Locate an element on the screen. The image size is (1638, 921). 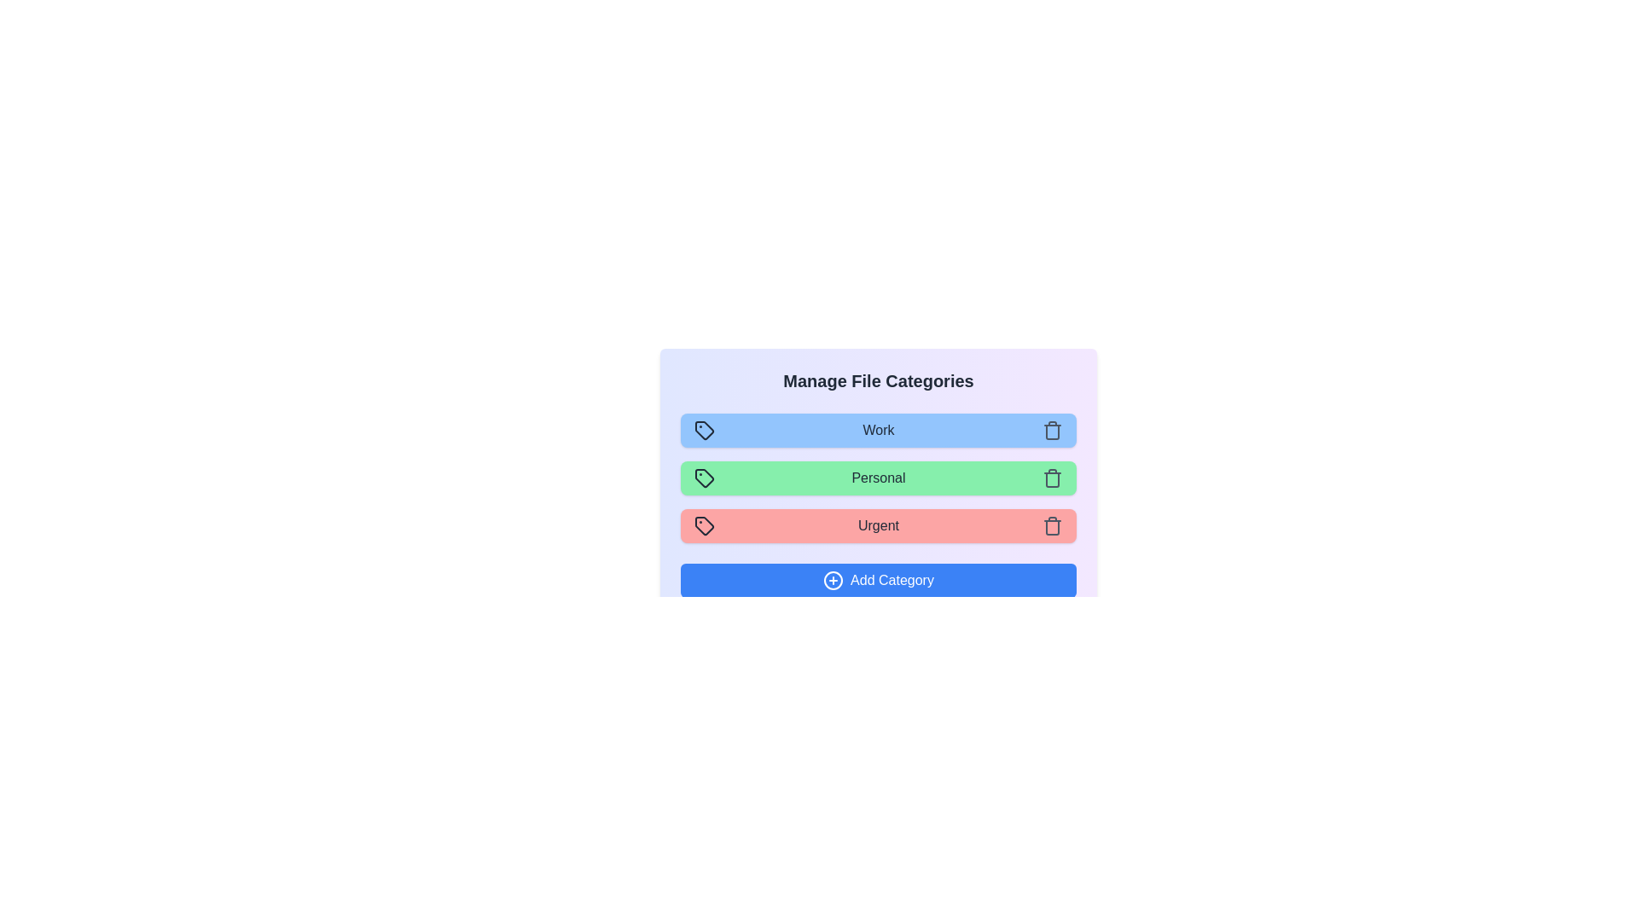
the category Work to observe its hover effect is located at coordinates (879, 430).